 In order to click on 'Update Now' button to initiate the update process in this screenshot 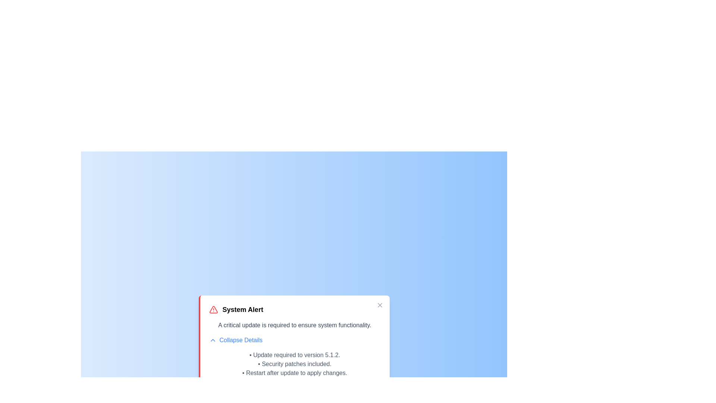, I will do `click(294, 394)`.